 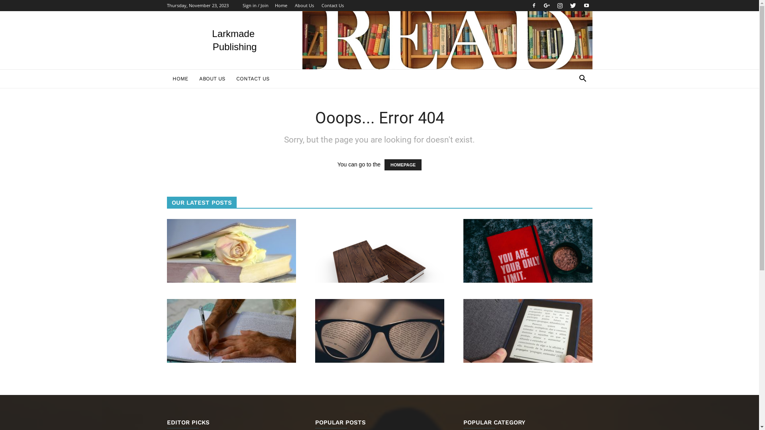 I want to click on 'Sign in / Join', so click(x=255, y=5).